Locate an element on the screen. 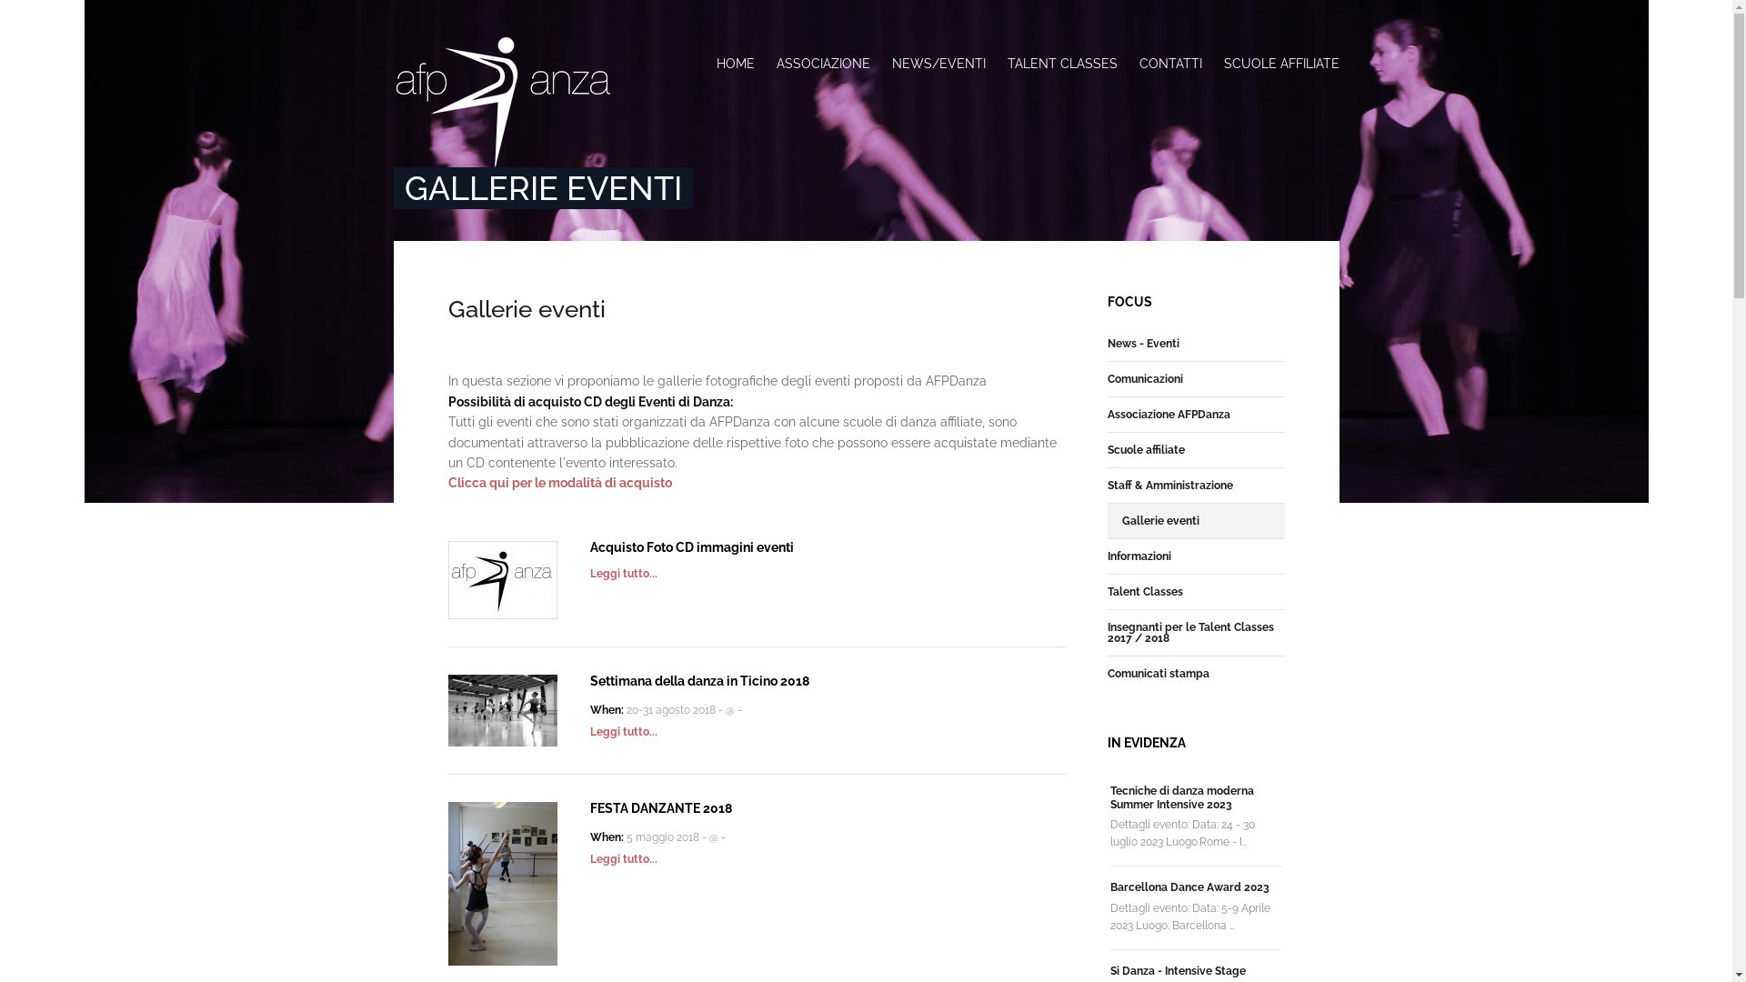 The image size is (1746, 982). 'Informazioni' is located at coordinates (1107, 556).